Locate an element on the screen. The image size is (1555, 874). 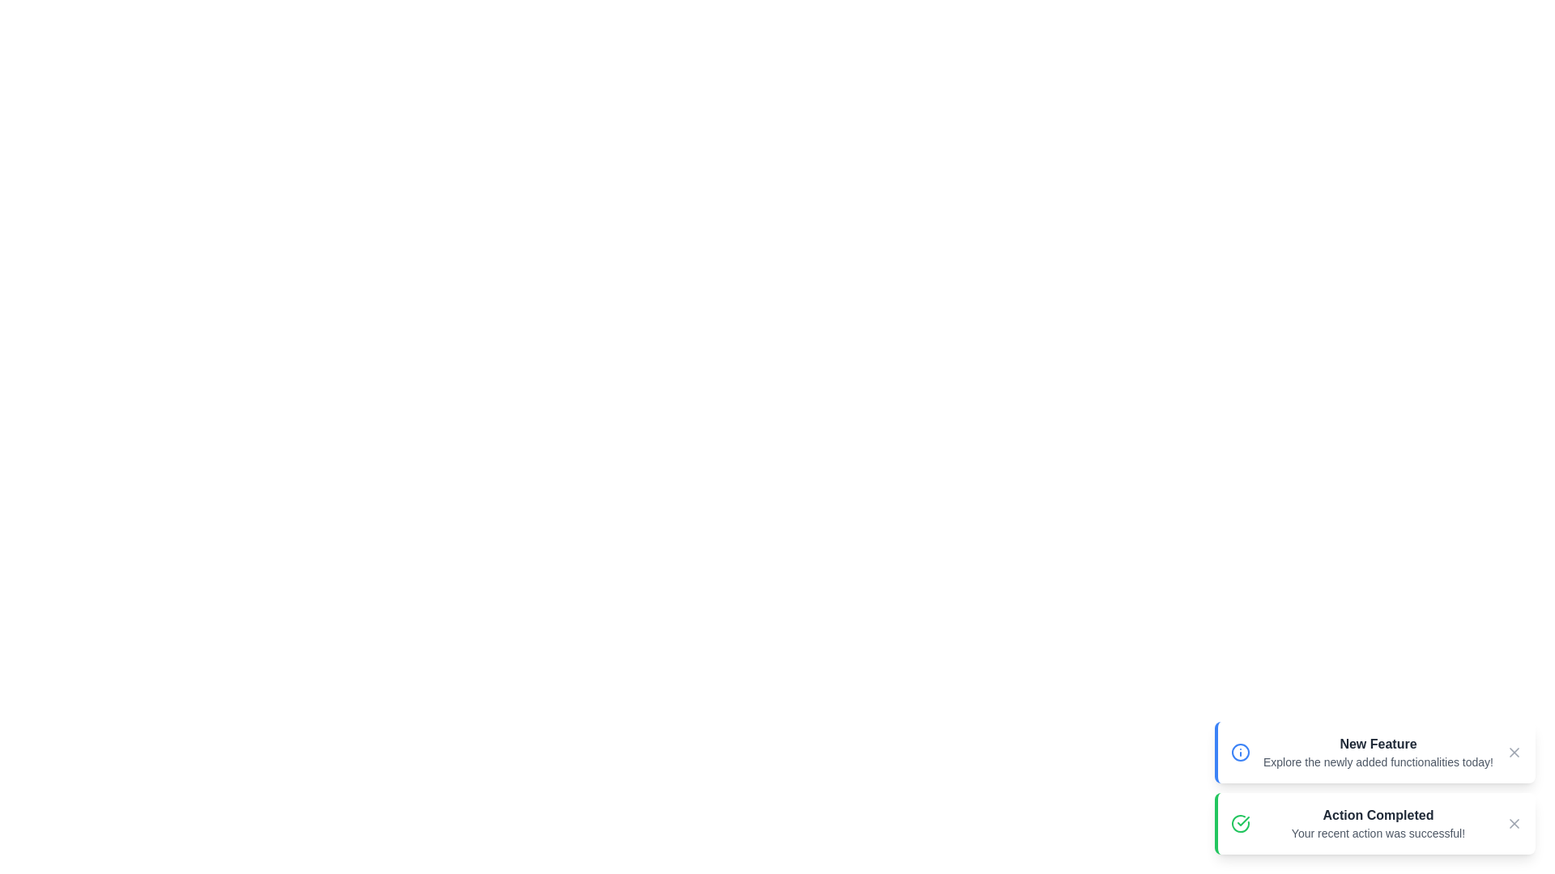
close button to dismiss the message is located at coordinates (1514, 752).